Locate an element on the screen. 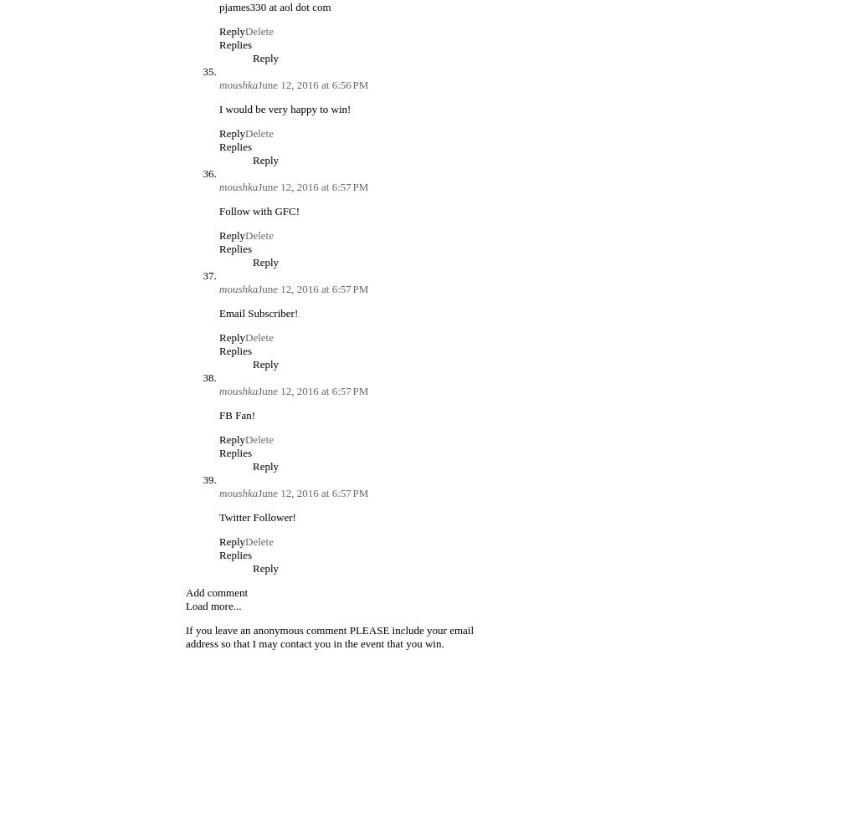 This screenshot has height=839, width=857. 'Add comment' is located at coordinates (216, 591).